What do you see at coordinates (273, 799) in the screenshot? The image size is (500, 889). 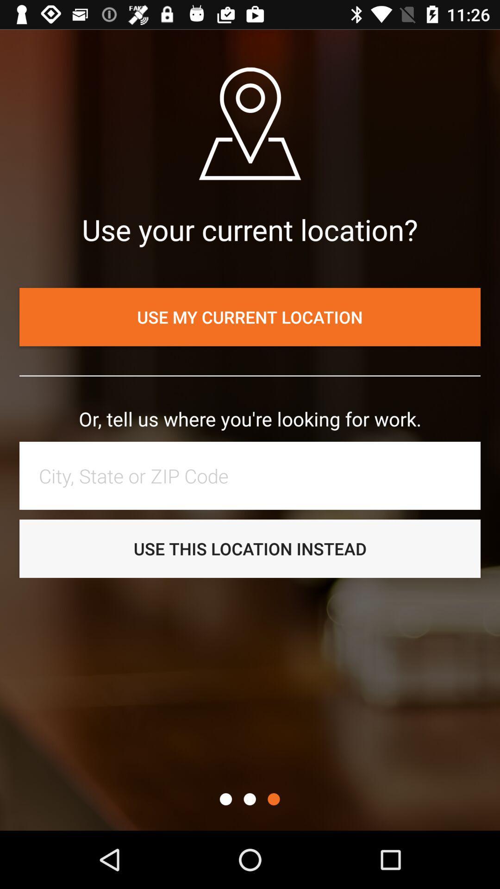 I see `the next page` at bounding box center [273, 799].